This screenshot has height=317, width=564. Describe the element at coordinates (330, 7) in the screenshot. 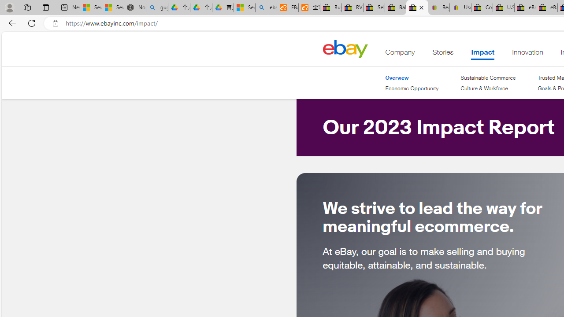

I see `'Buy Auto Parts & Accessories | eBay'` at that location.